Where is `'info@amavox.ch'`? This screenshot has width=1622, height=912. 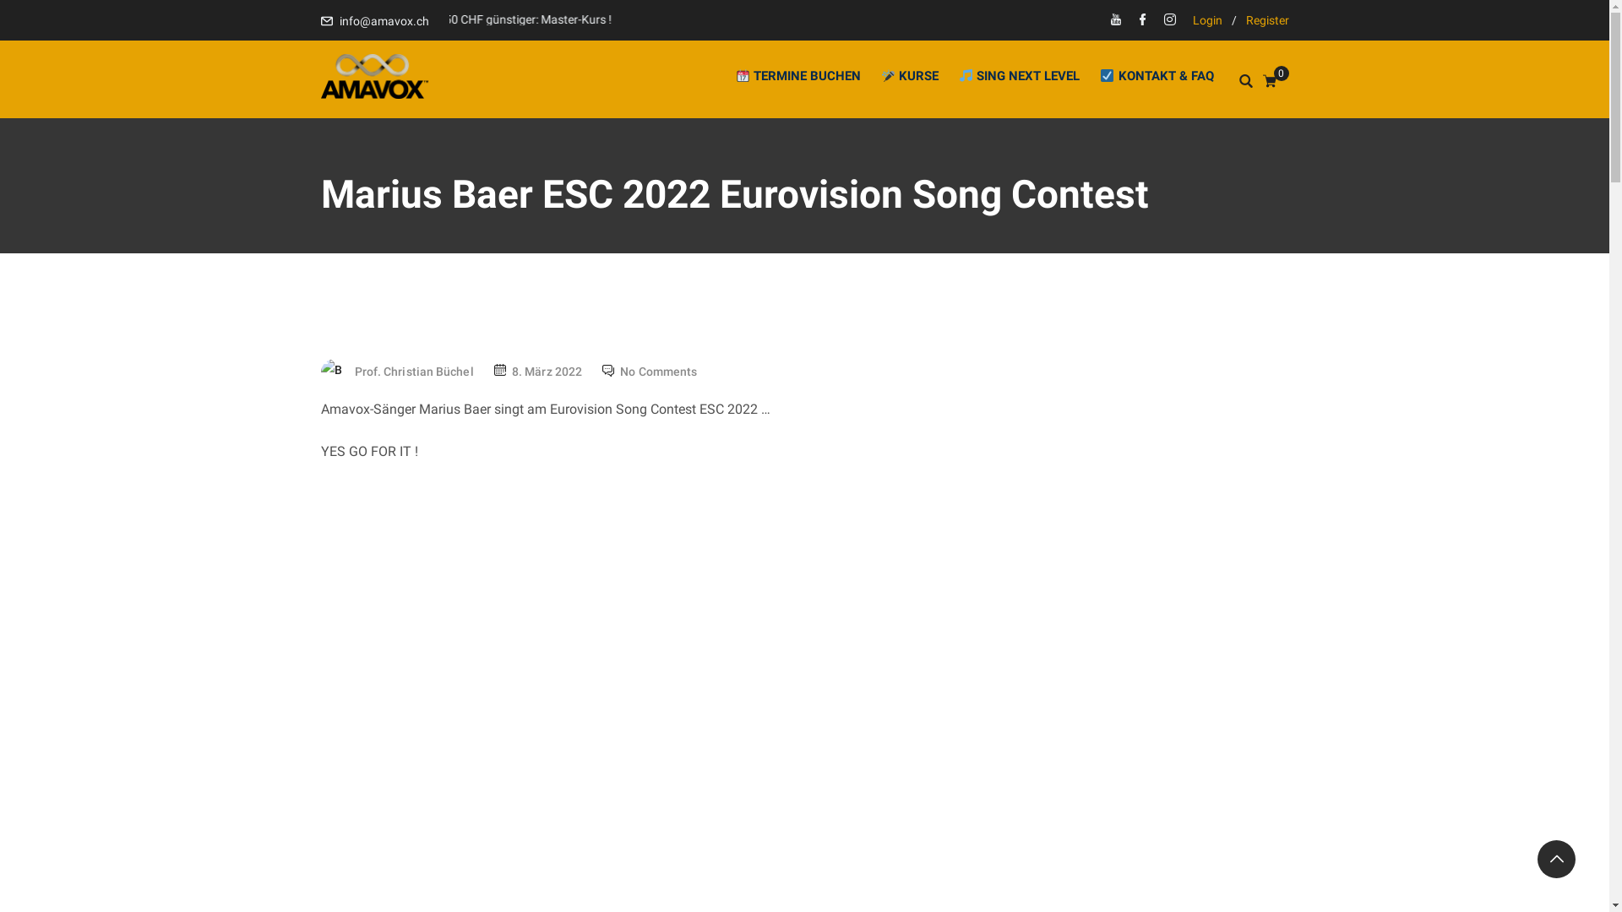
'info@amavox.ch' is located at coordinates (384, 20).